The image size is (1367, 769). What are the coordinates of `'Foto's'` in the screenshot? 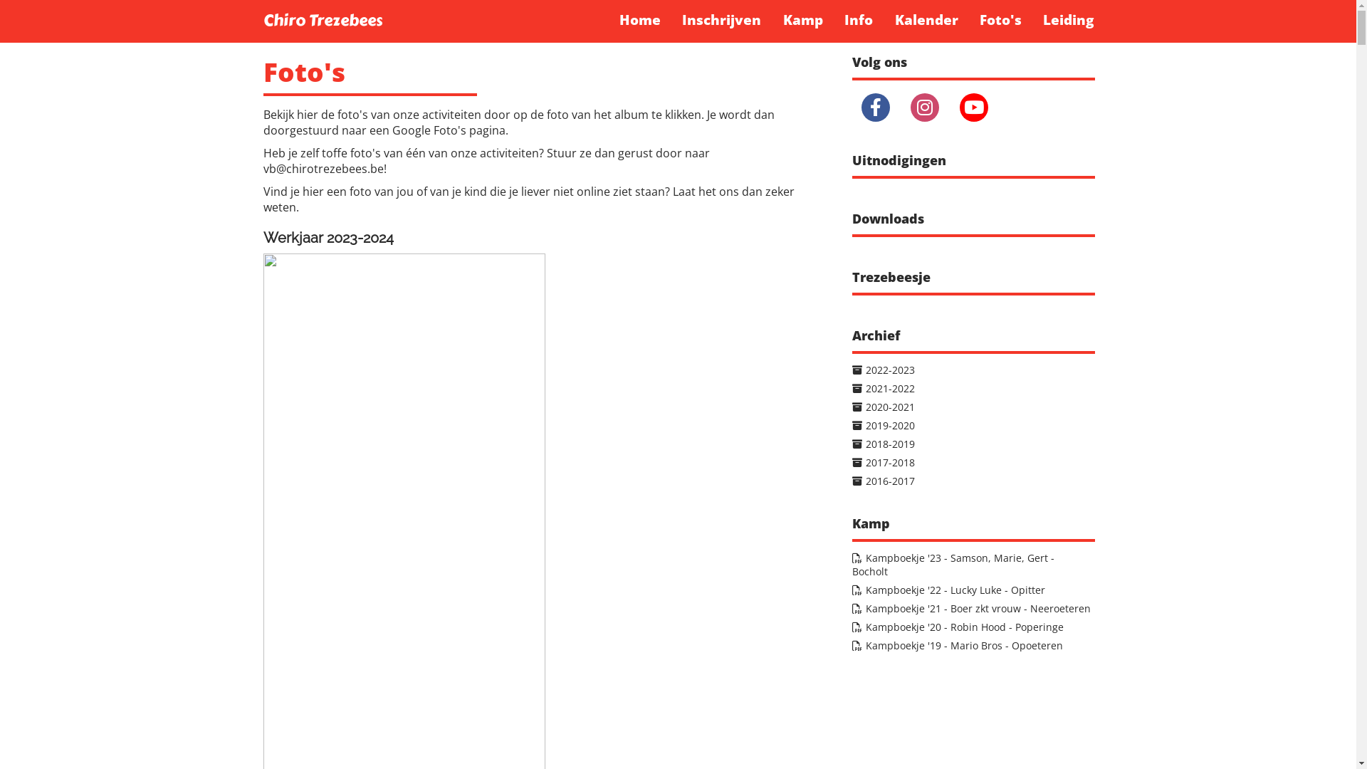 It's located at (1000, 19).